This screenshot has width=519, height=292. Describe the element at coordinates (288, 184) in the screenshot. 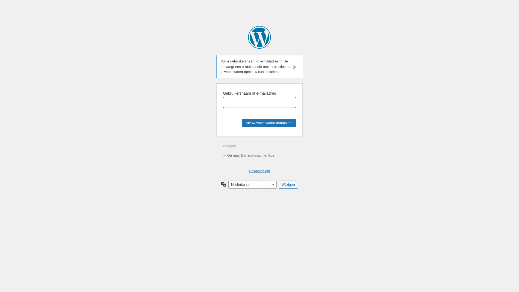

I see `'Wijzigen'` at that location.